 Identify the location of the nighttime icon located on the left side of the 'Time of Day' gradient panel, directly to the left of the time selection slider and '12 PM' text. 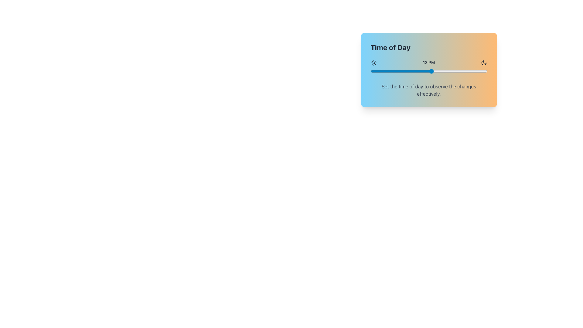
(484, 63).